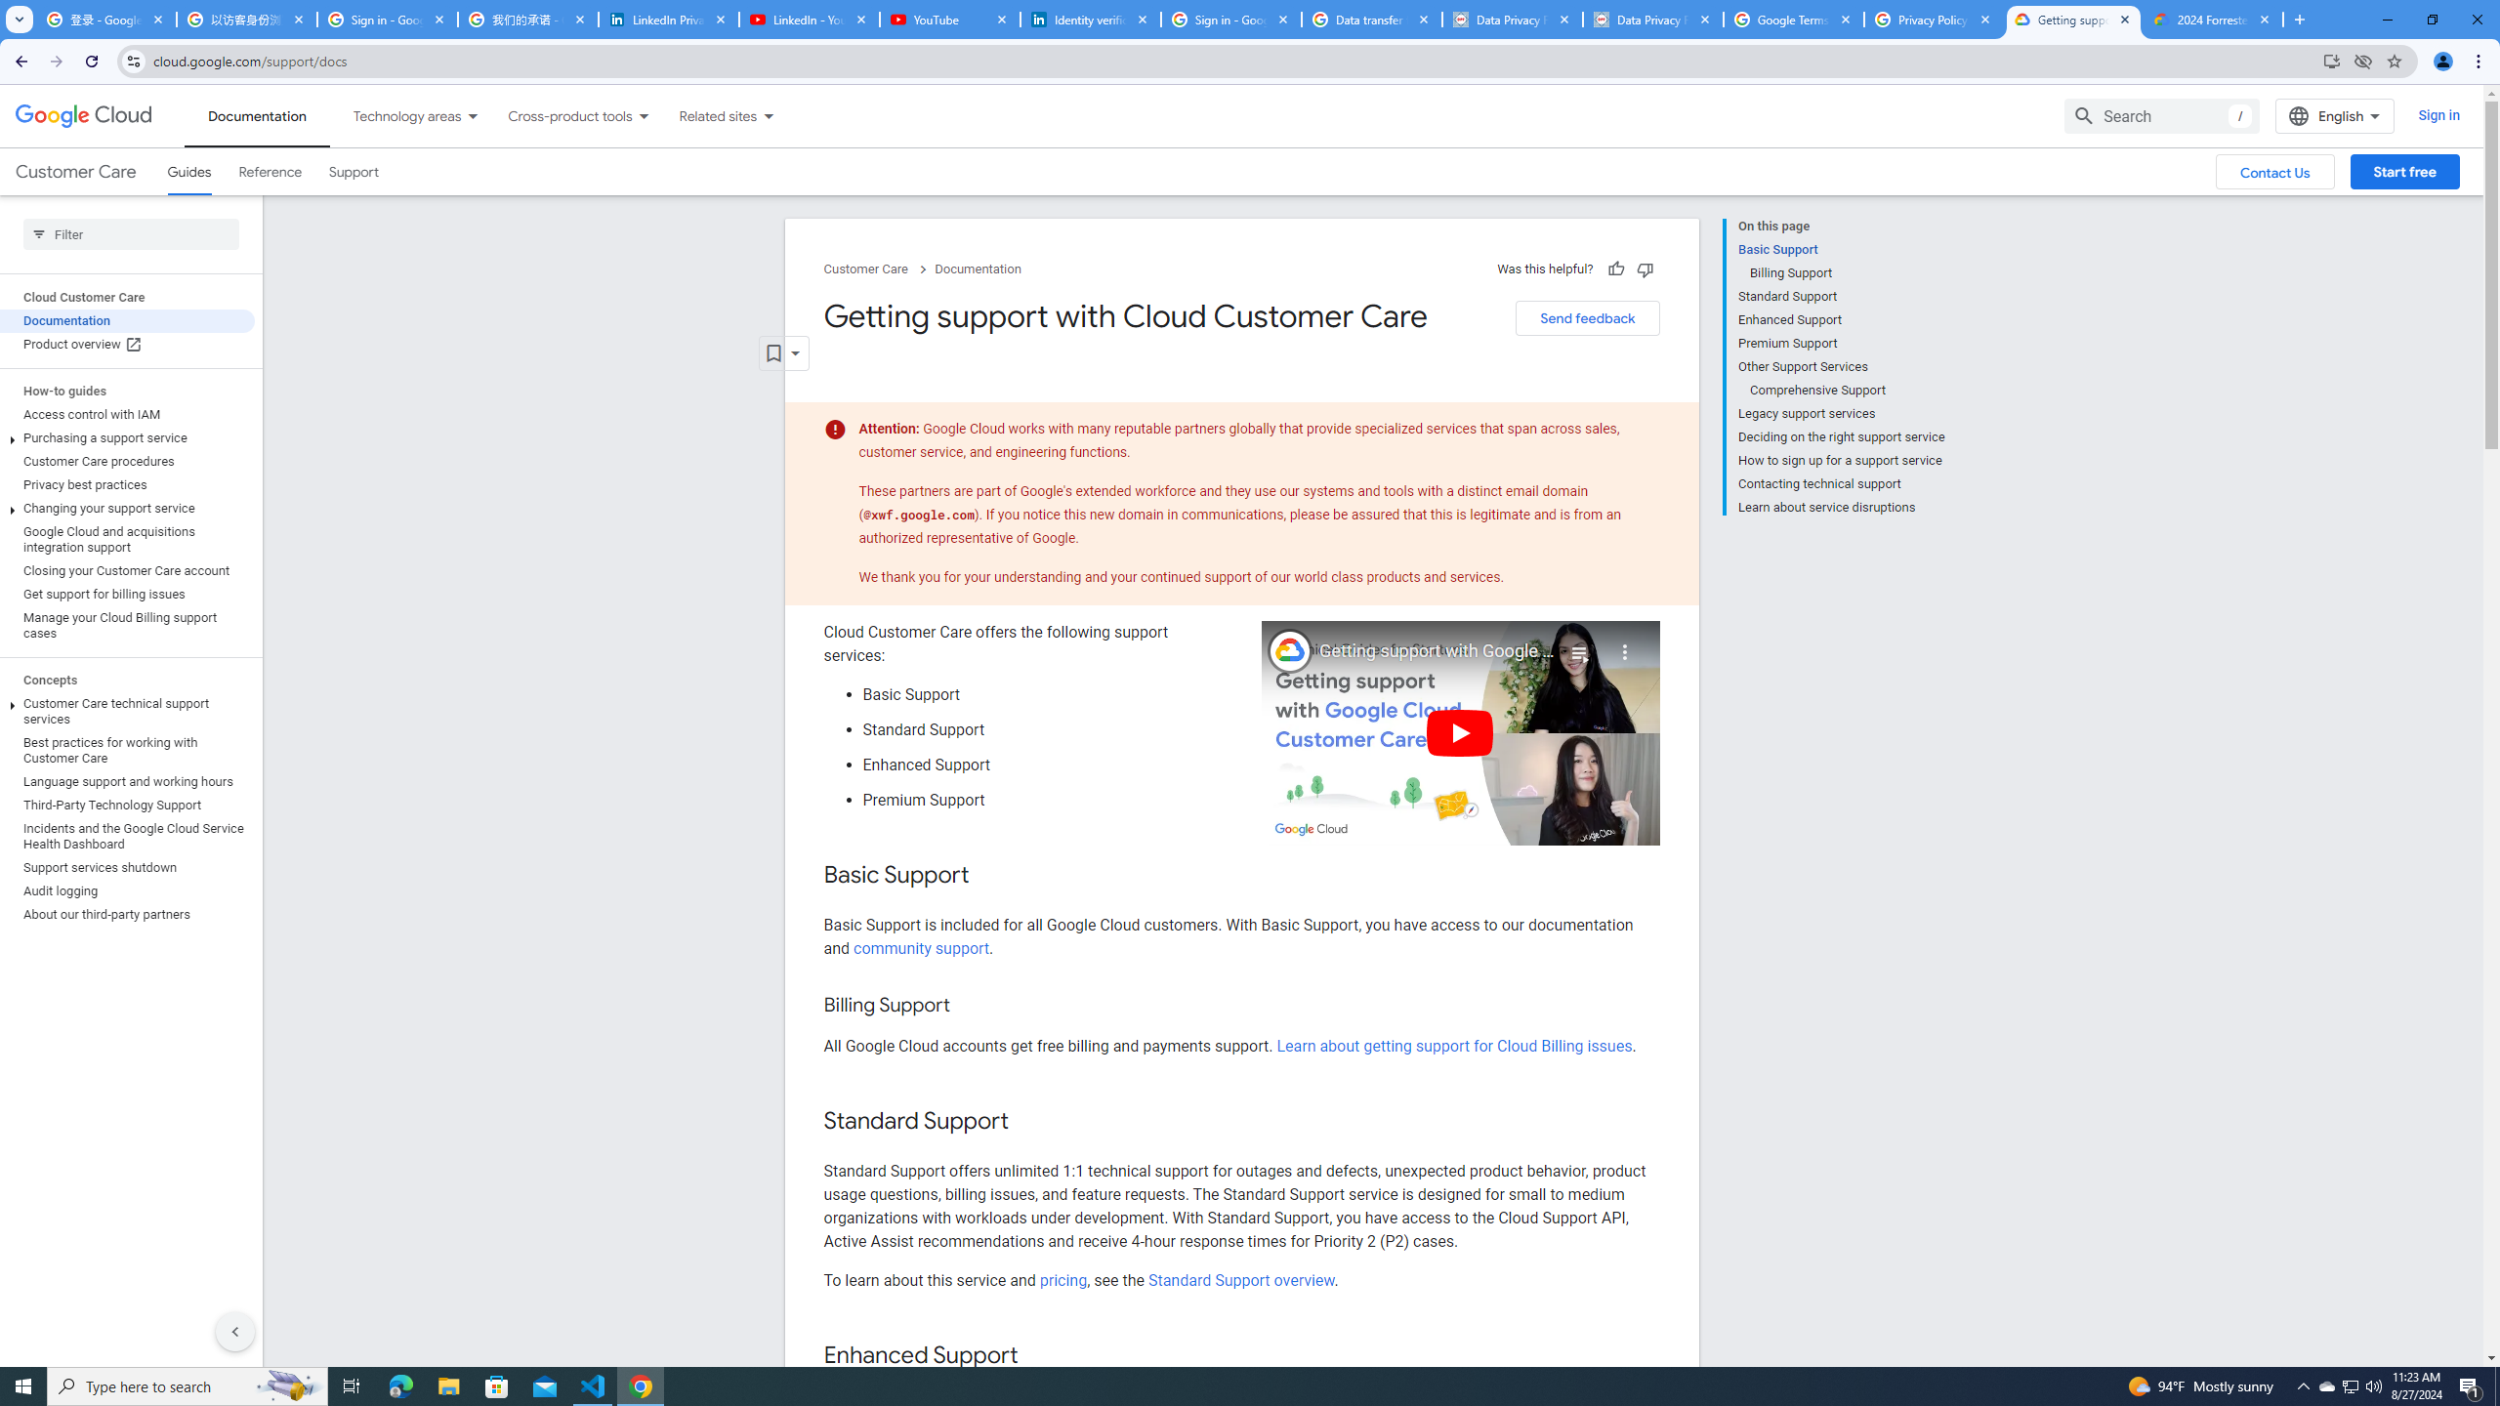 The height and width of the screenshot is (1406, 2500). Describe the element at coordinates (1840, 460) in the screenshot. I see `'How to sign up for a support service'` at that location.